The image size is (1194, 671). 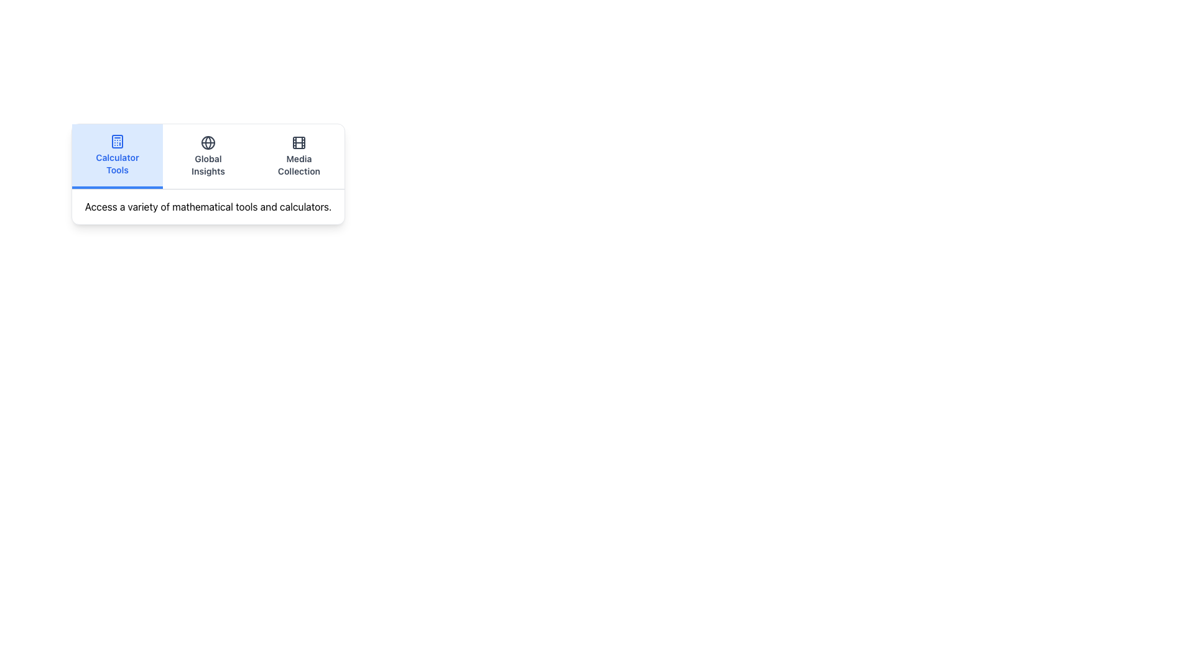 I want to click on text of the 'Media Collection' label, which is styled in a small font and located below the film strip icon in the navigation options, so click(x=298, y=165).